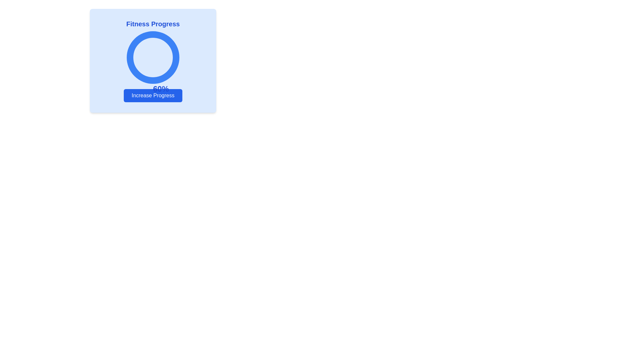 Image resolution: width=632 pixels, height=355 pixels. Describe the element at coordinates (153, 95) in the screenshot. I see `the 'Increase Progress' button, which has a blue background and white text, located below the '60%' text and circular progress indicator` at that location.